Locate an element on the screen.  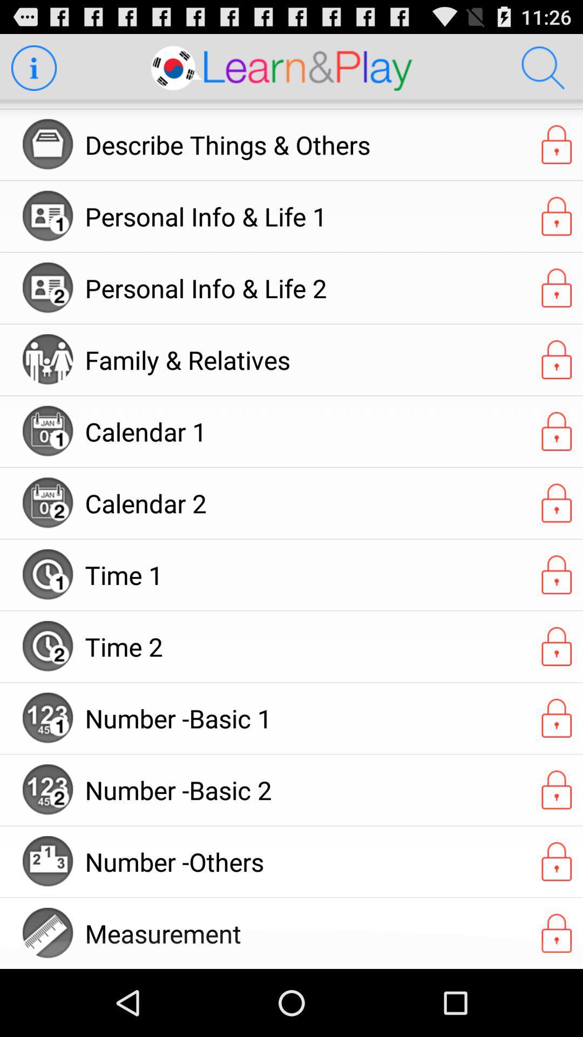
learn more is located at coordinates (33, 67).